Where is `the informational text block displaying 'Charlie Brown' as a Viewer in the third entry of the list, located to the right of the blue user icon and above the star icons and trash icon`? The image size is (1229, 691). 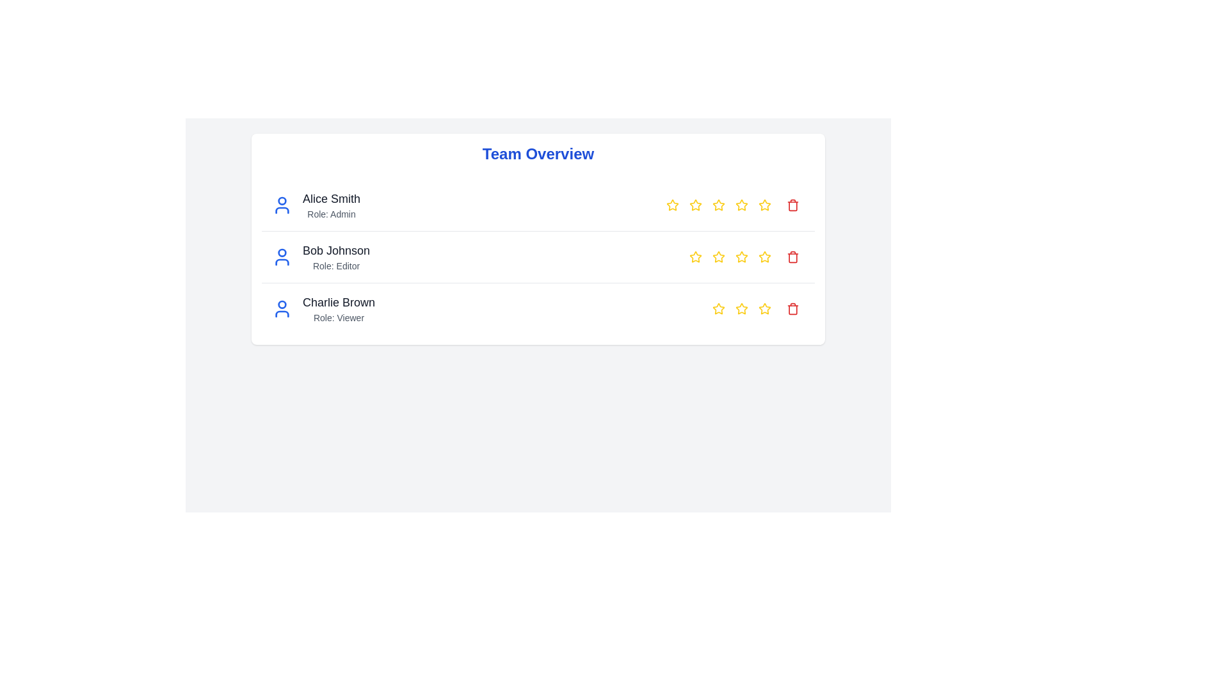 the informational text block displaying 'Charlie Brown' as a Viewer in the third entry of the list, located to the right of the blue user icon and above the star icons and trash icon is located at coordinates (339, 308).